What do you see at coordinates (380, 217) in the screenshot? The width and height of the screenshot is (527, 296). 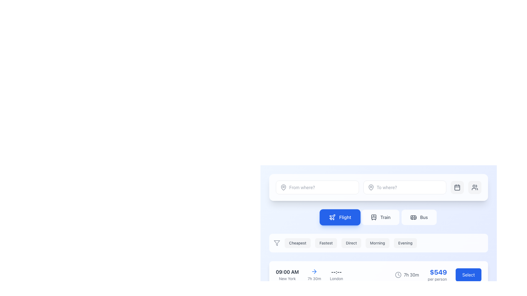 I see `the 'Train' button, which is a rectangular button with a white background and light gray text displaying 'Train', located in the middle of three buttons aligned with 'Flight' and 'Bus'` at bounding box center [380, 217].